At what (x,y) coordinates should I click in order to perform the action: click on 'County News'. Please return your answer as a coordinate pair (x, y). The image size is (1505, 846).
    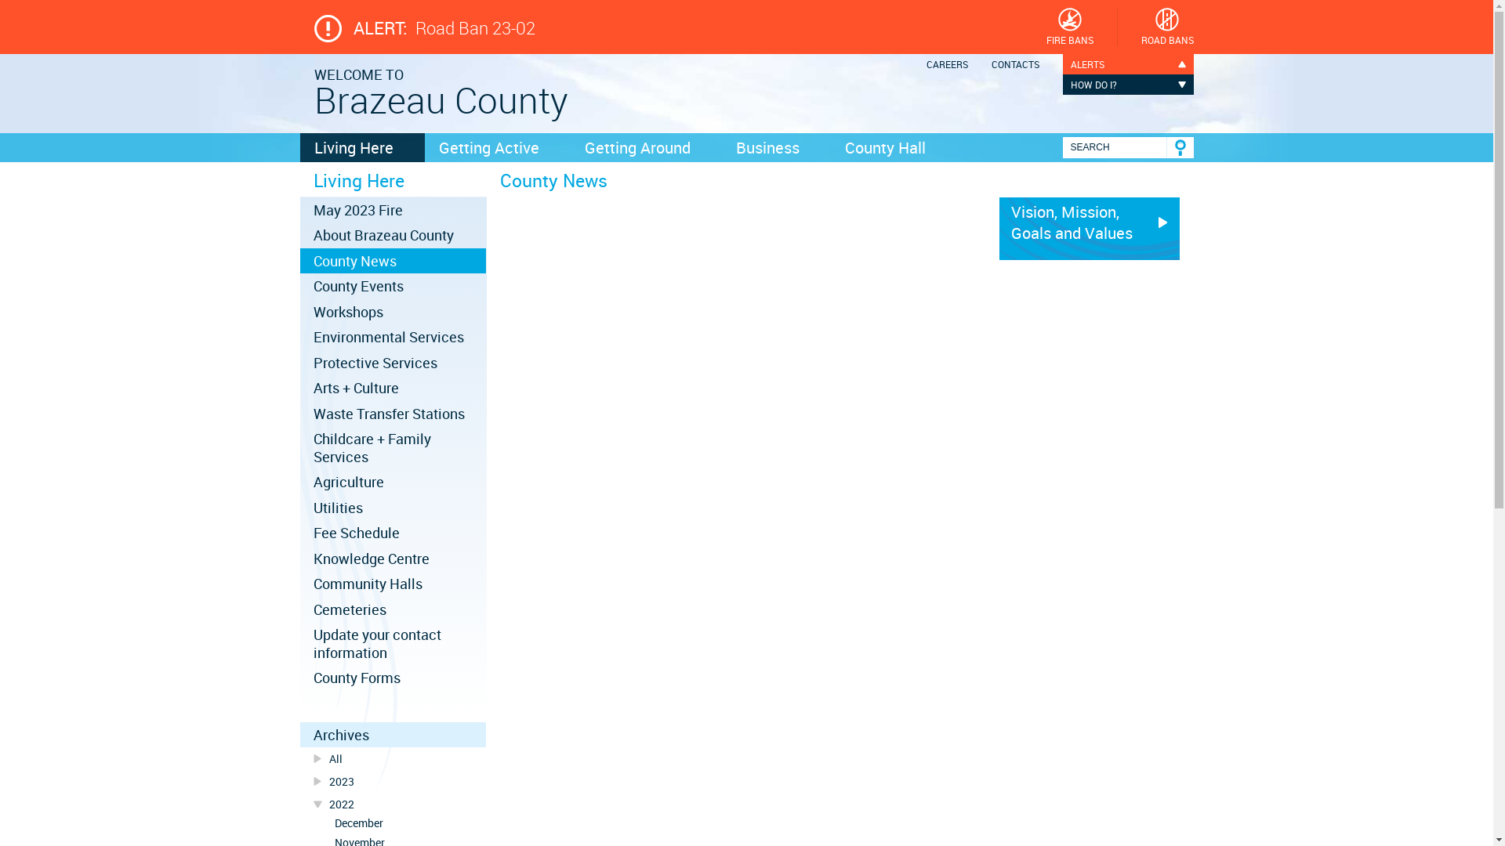
    Looking at the image, I should click on (392, 259).